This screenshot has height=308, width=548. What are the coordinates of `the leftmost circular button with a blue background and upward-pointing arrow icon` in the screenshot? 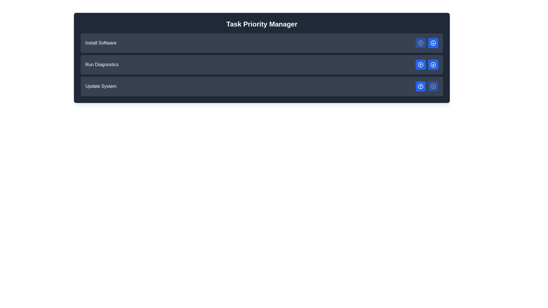 It's located at (420, 42).